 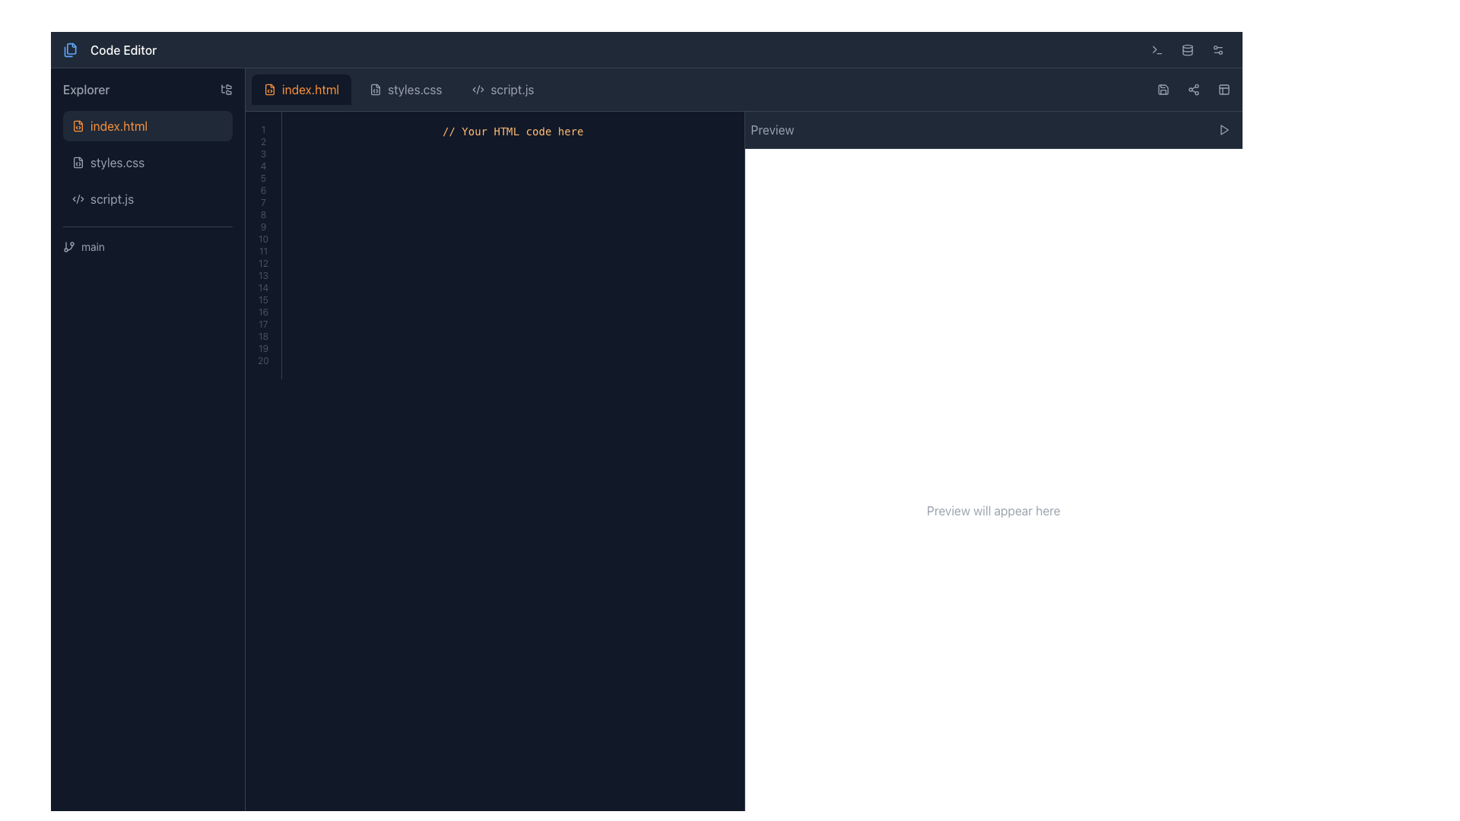 What do you see at coordinates (123, 49) in the screenshot?
I see `text content of the 'Code Editor' label located at the top-left area of the UI, positioned to the right of the files icon` at bounding box center [123, 49].